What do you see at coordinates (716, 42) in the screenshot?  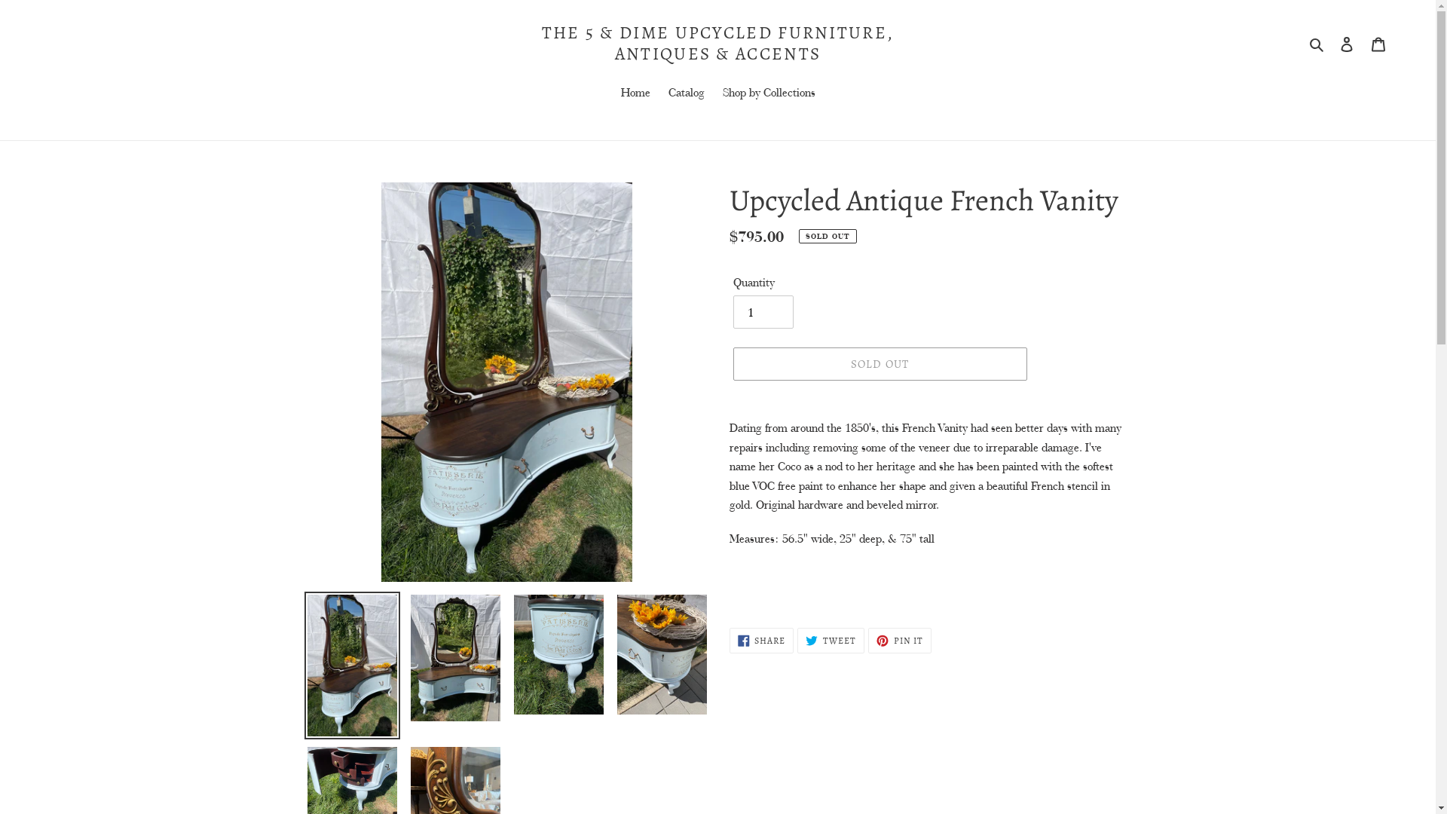 I see `'THE 5 & DIME UPCYCLED FURNITURE, ANTIQUES & ACCENTS'` at bounding box center [716, 42].